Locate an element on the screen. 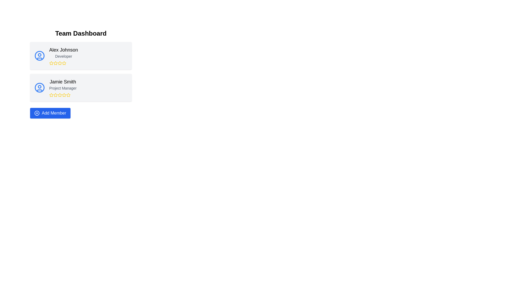  the small SVG Circle element within the user profile icon representing 'Alex Johnson Developer' is located at coordinates (39, 86).